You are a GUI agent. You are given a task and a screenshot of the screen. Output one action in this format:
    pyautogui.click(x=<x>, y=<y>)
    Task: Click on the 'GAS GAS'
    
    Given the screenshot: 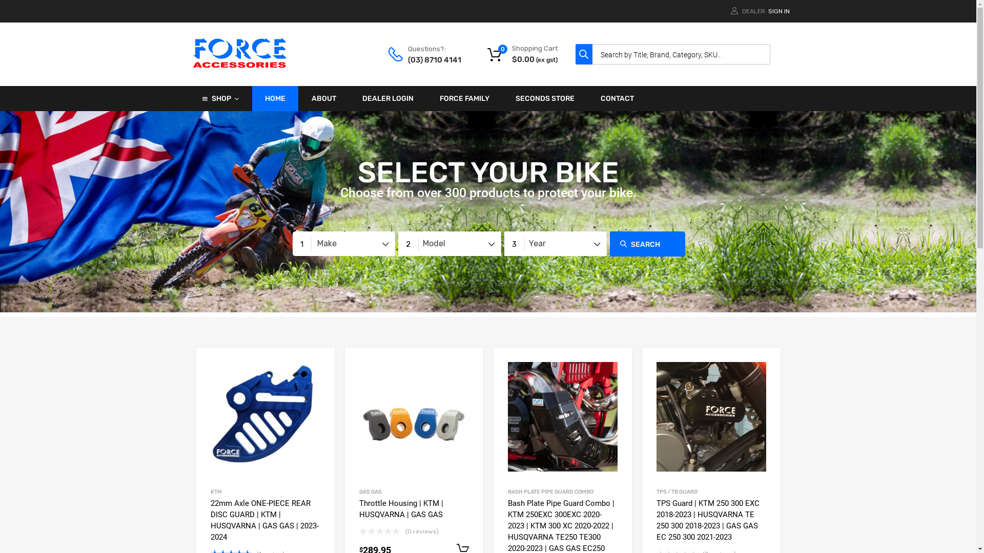 What is the action you would take?
    pyautogui.click(x=369, y=491)
    